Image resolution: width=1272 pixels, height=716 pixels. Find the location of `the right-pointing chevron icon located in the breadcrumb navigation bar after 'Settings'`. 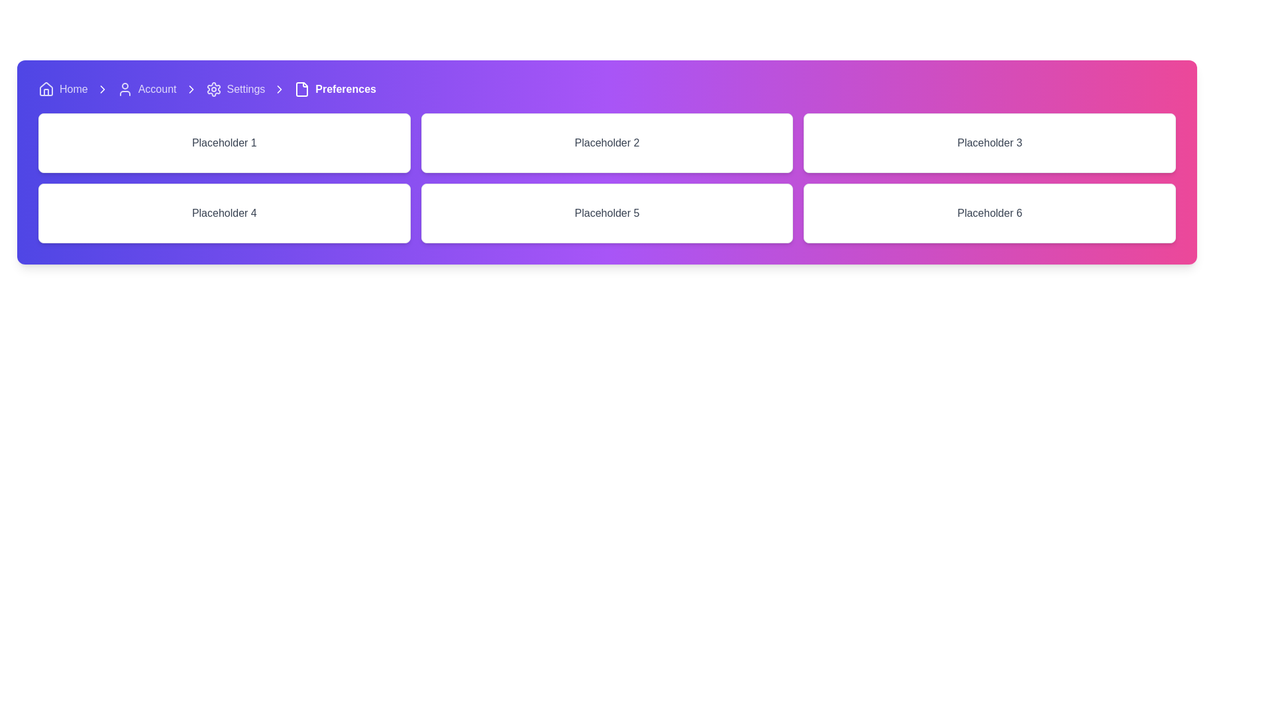

the right-pointing chevron icon located in the breadcrumb navigation bar after 'Settings' is located at coordinates (279, 89).